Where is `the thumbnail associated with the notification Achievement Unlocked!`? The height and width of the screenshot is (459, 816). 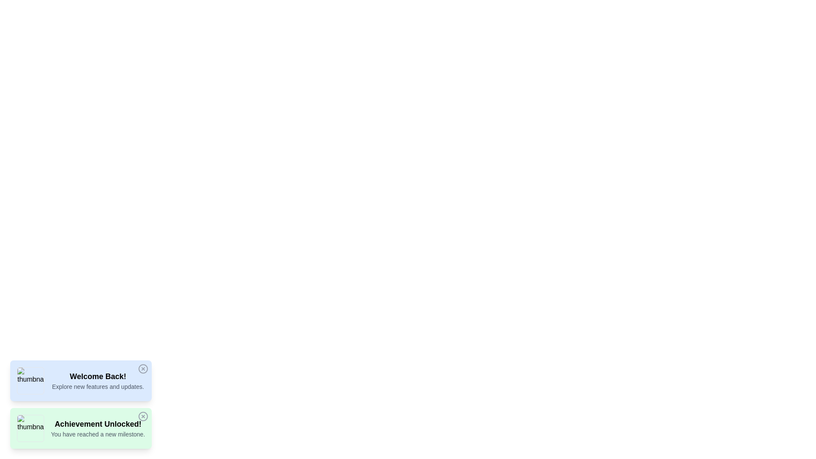 the thumbnail associated with the notification Achievement Unlocked! is located at coordinates (31, 428).